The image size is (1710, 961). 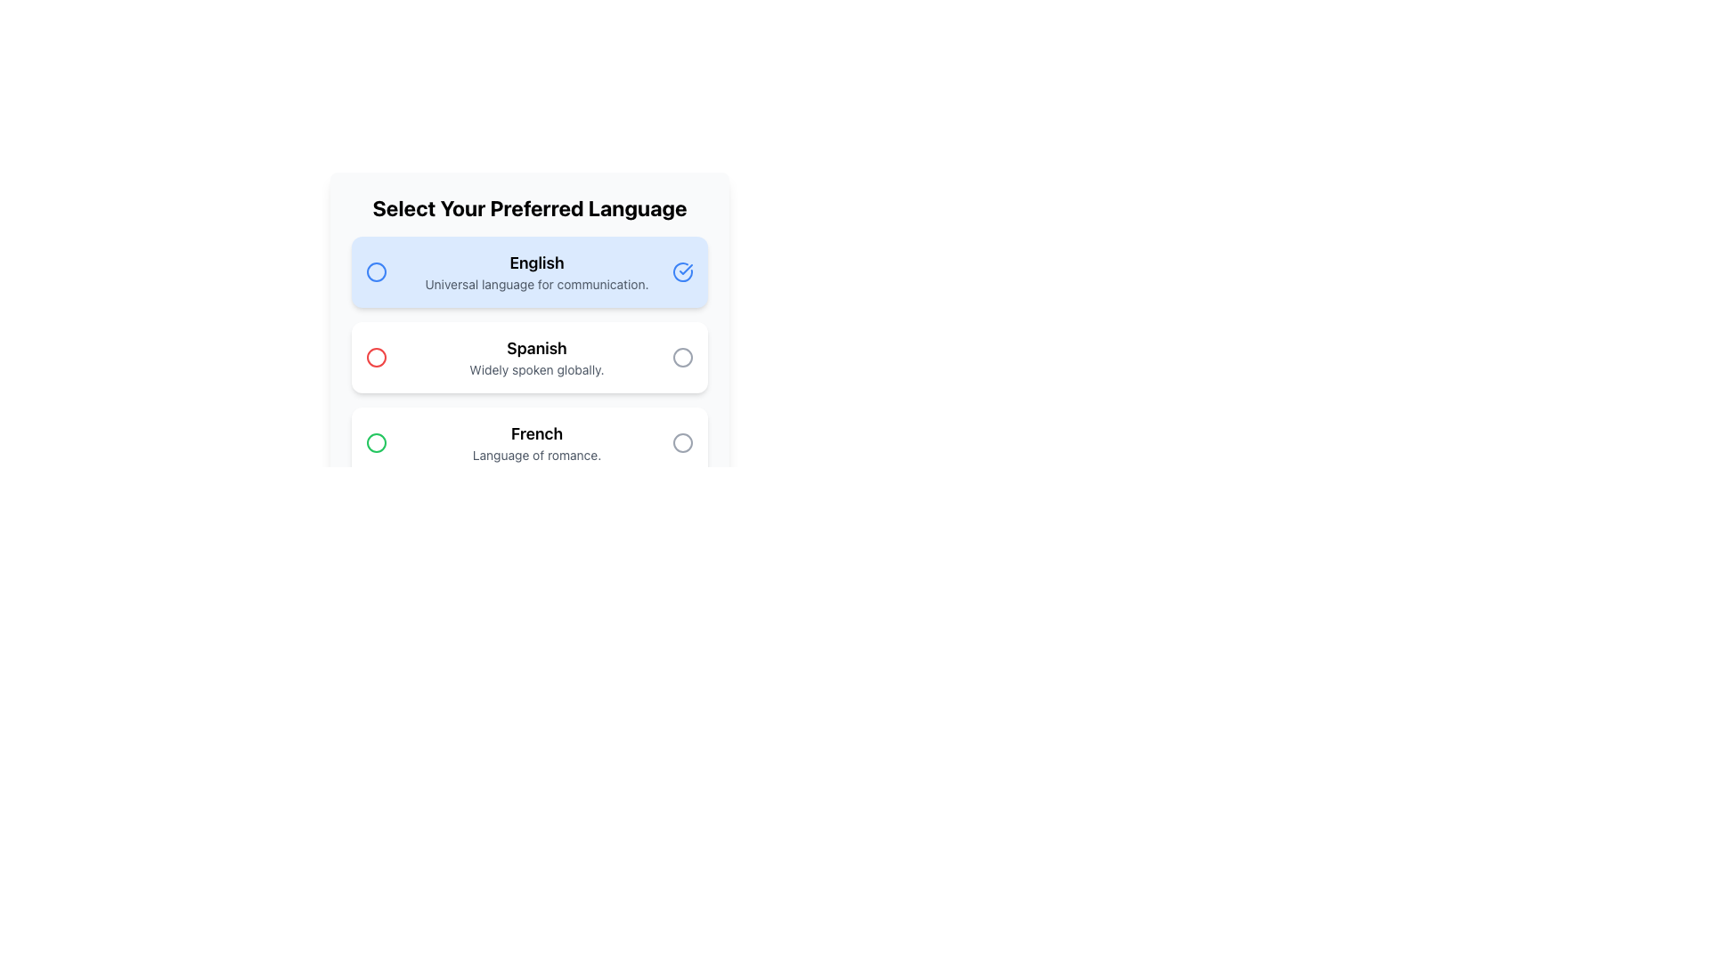 What do you see at coordinates (682, 271) in the screenshot?
I see `the blue circular icon with a checkmark inside, located in the top-right corner of the highlighted 'English' selection box, to confirm the selection` at bounding box center [682, 271].